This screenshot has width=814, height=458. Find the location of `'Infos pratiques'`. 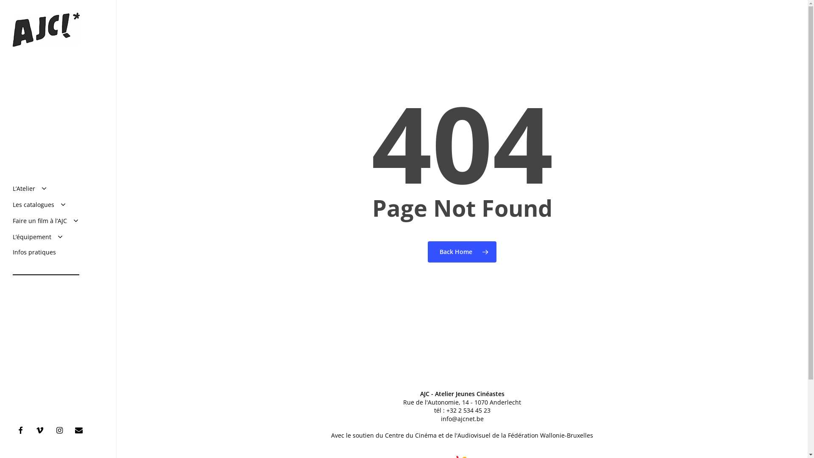

'Infos pratiques' is located at coordinates (12, 251).